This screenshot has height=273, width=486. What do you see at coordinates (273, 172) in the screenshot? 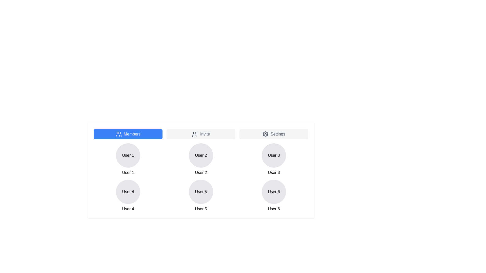
I see `the static text label displaying 'User 3', which is located in the third column of a grid layout, directly below the circular avatar labeled 'User 3'` at bounding box center [273, 172].